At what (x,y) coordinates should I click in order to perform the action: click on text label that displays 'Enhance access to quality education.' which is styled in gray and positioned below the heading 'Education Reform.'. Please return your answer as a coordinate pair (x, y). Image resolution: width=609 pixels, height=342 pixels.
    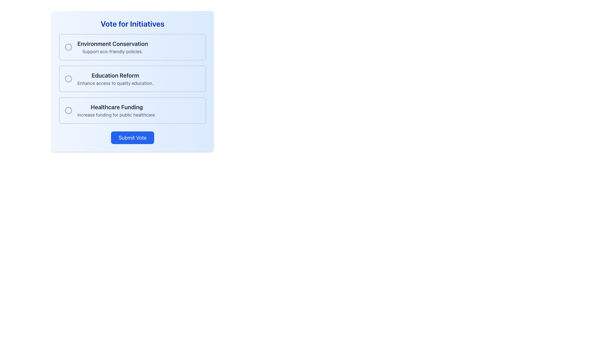
    Looking at the image, I should click on (115, 83).